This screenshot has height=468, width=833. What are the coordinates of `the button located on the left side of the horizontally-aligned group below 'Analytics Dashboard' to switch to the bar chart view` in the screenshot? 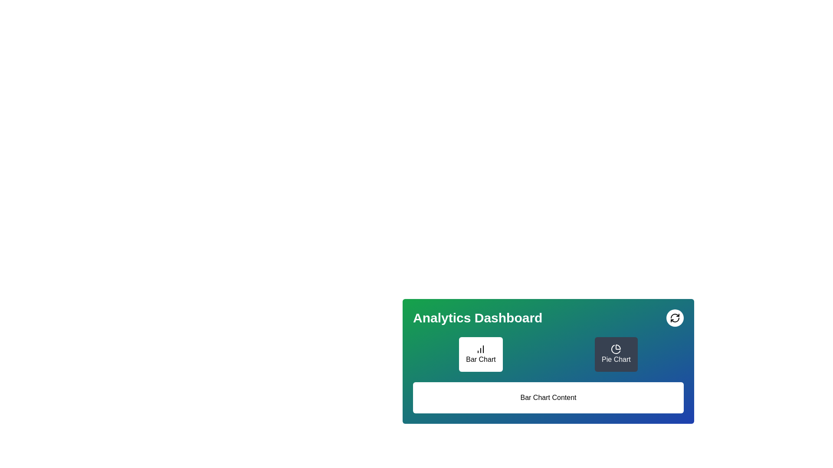 It's located at (480, 354).